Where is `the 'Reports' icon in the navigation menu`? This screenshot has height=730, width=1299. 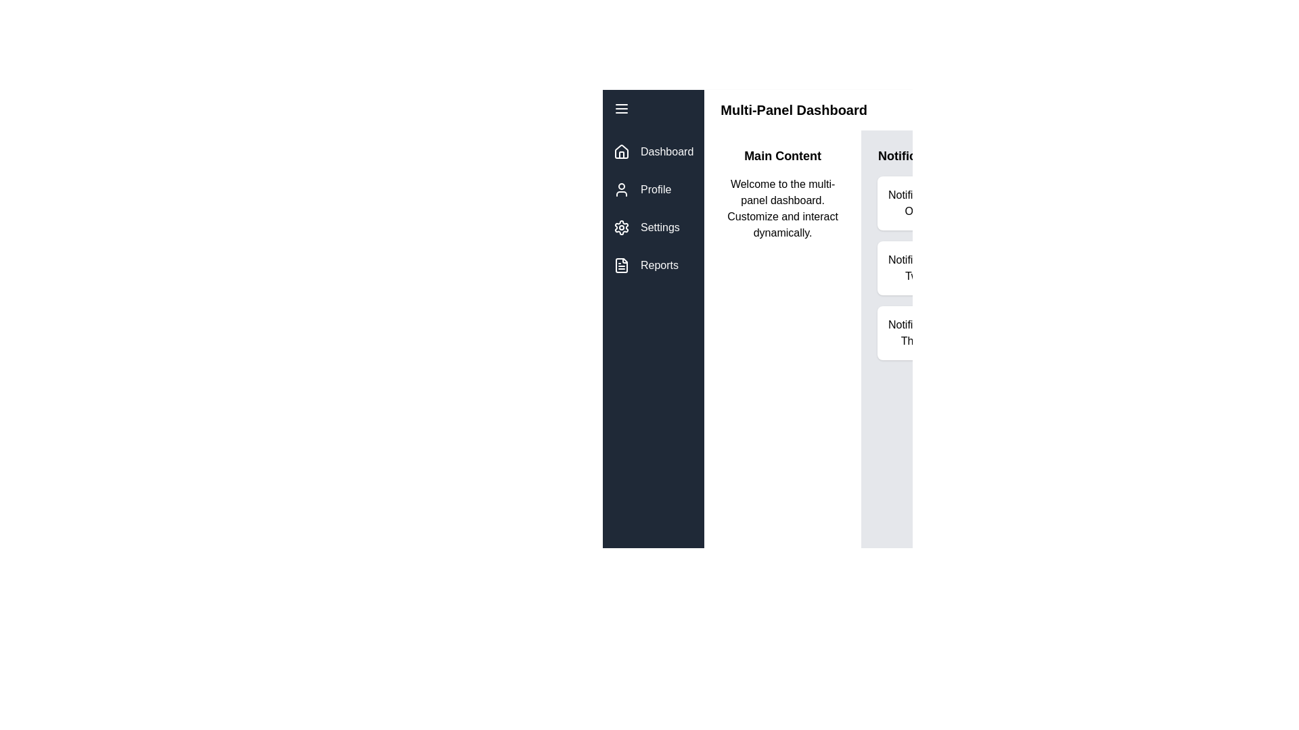 the 'Reports' icon in the navigation menu is located at coordinates (620, 266).